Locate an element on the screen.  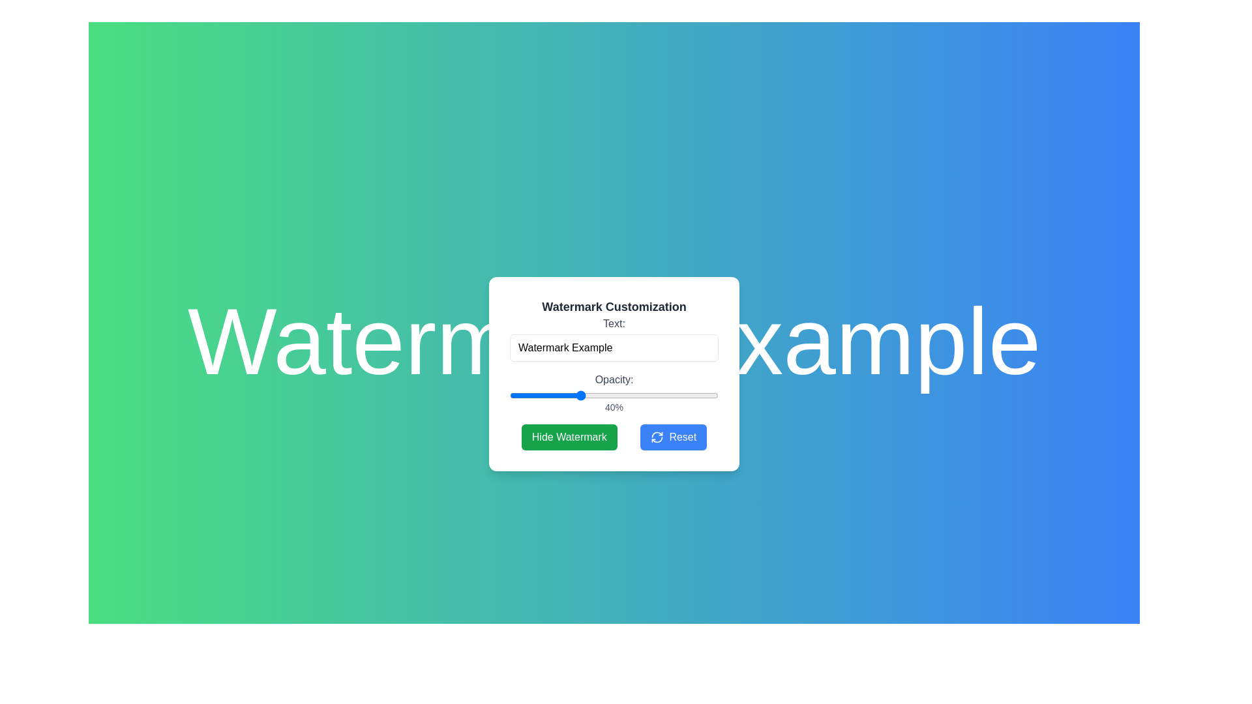
opacity is located at coordinates (574, 394).